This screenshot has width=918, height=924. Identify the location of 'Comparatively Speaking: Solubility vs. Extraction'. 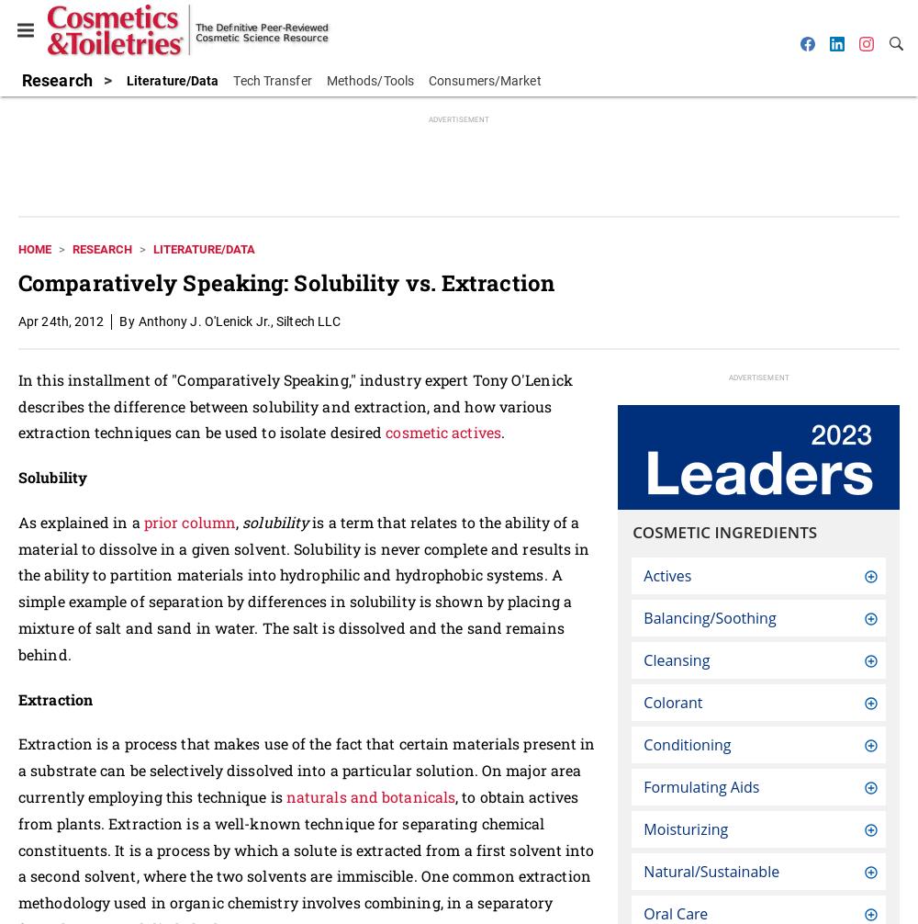
(285, 281).